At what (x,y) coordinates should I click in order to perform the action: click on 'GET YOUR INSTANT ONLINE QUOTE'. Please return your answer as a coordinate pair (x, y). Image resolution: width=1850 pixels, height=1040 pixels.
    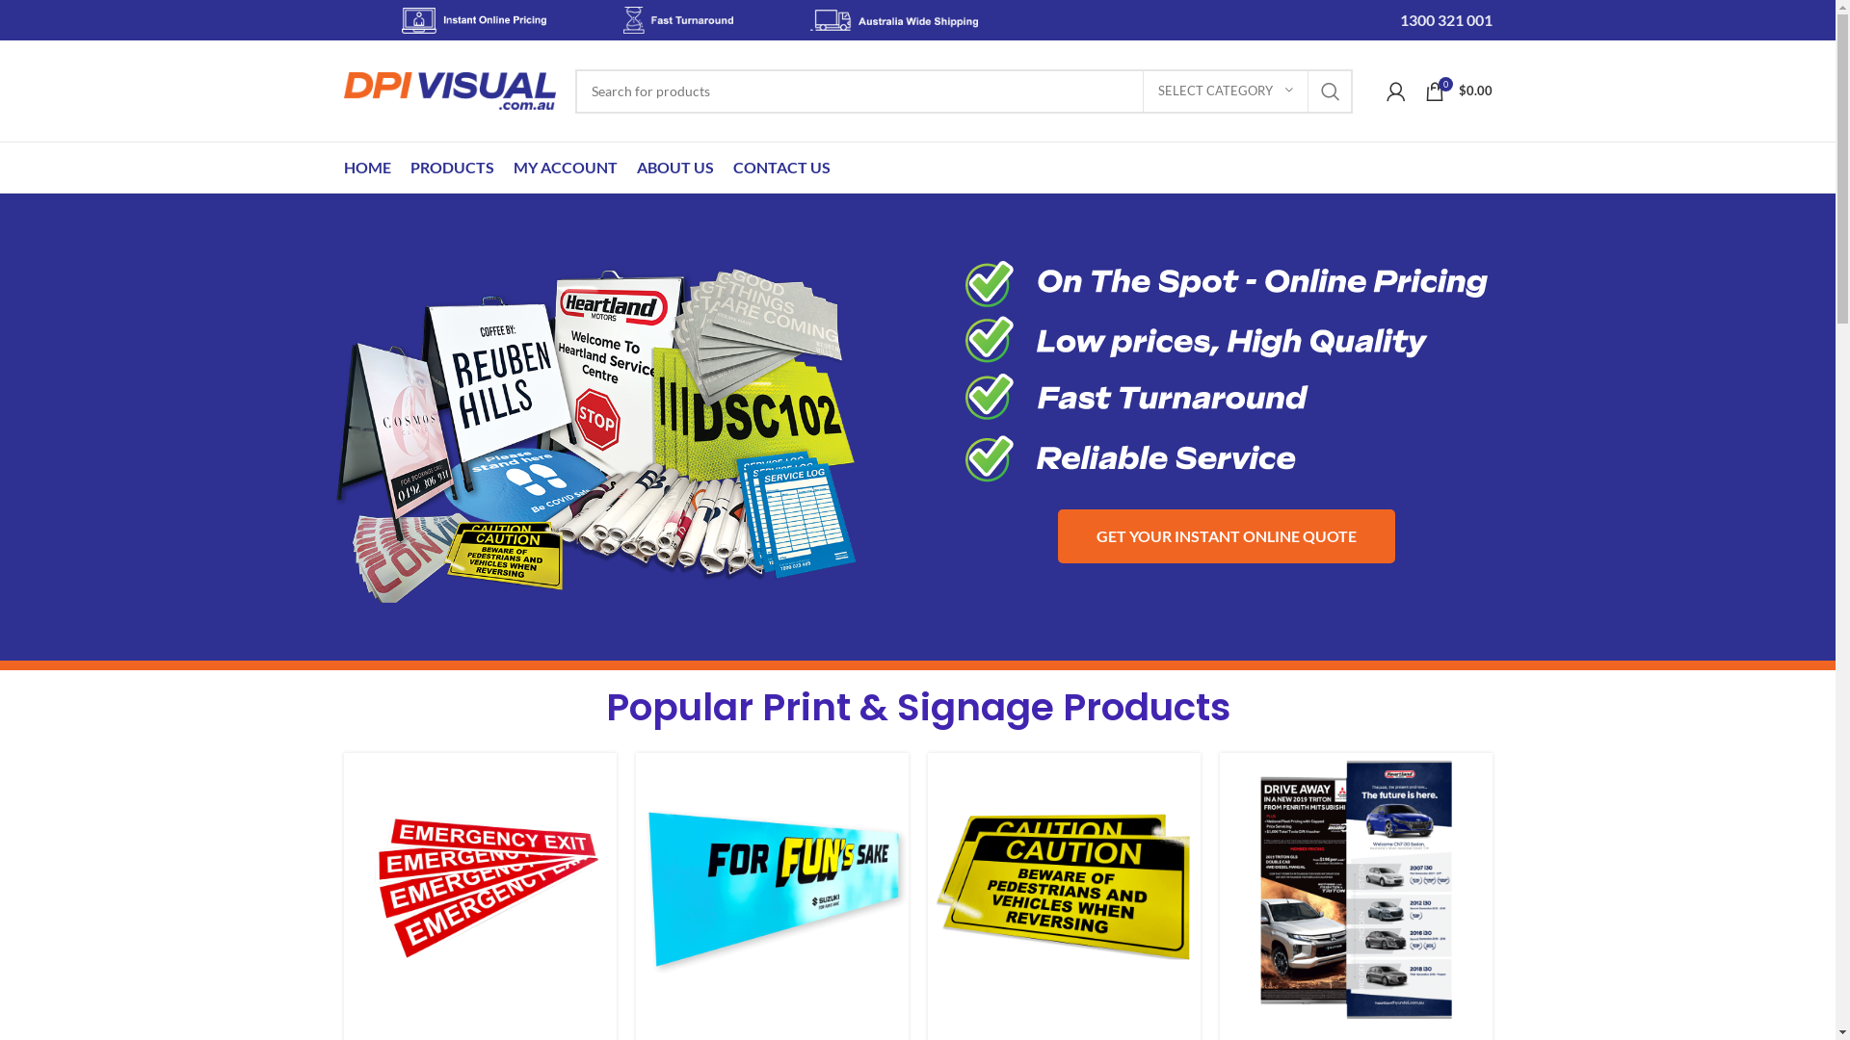
    Looking at the image, I should click on (1225, 535).